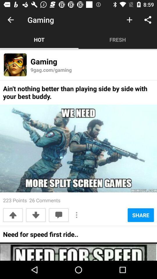 Image resolution: width=157 pixels, height=279 pixels. Describe the element at coordinates (40, 236) in the screenshot. I see `the need for speed icon` at that location.